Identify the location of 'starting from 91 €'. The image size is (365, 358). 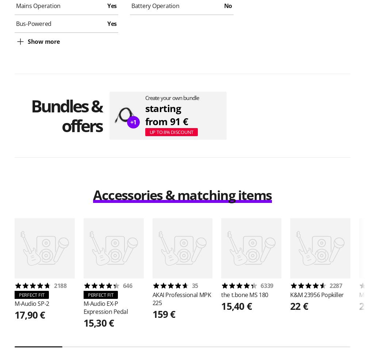
(166, 114).